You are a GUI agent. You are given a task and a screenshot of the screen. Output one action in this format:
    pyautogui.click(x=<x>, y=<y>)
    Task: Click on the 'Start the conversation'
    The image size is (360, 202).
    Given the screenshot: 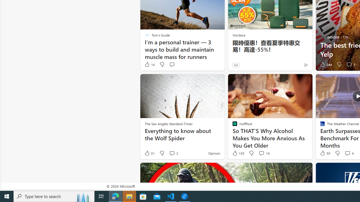 What is the action you would take?
    pyautogui.click(x=172, y=64)
    